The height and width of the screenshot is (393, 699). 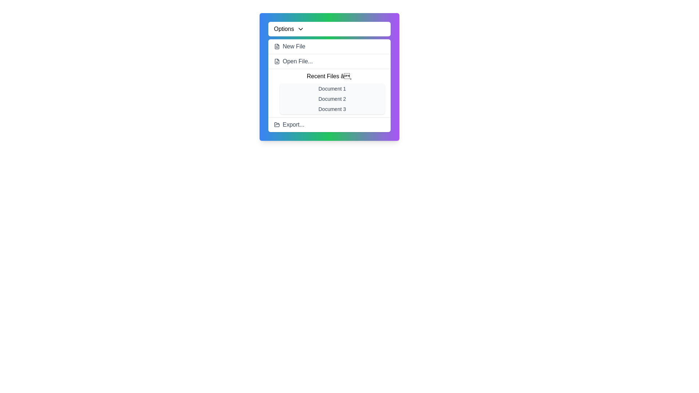 I want to click on the document icon located next to the text 'New File' in the dropdown menu, which features a minimalistic design with bold outlines, so click(x=276, y=46).